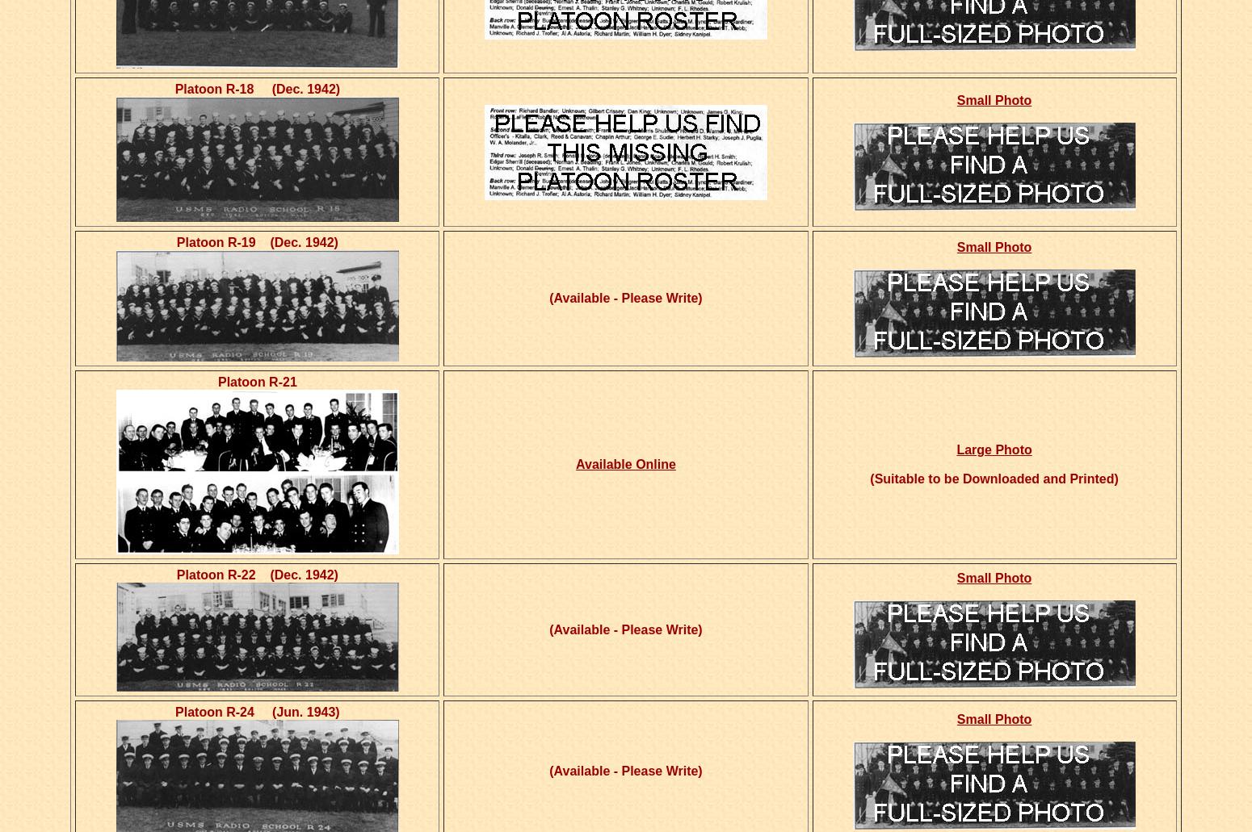 This screenshot has height=832, width=1252. What do you see at coordinates (256, 575) in the screenshot?
I see `'Platoon R-22    (Dec. 
                
                1942)'` at bounding box center [256, 575].